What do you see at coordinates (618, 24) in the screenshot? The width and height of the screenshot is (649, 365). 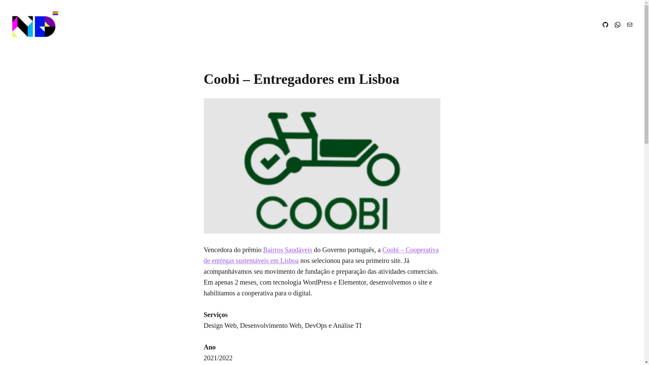 I see `'WhatsApp'` at bounding box center [618, 24].